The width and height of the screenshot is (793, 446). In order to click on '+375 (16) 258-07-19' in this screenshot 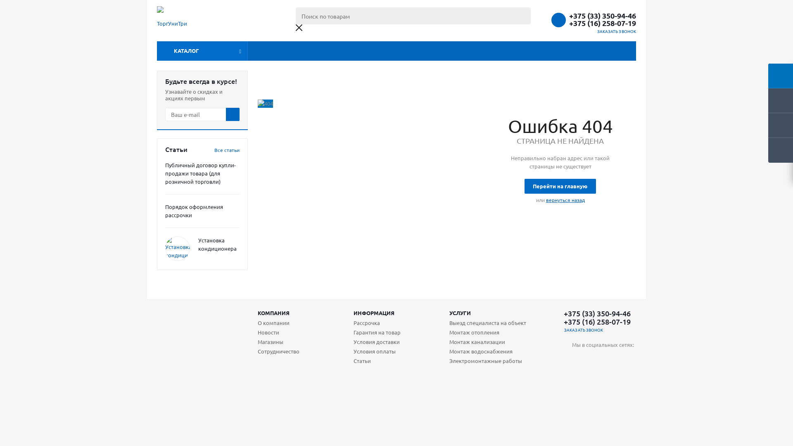, I will do `click(568, 23)`.